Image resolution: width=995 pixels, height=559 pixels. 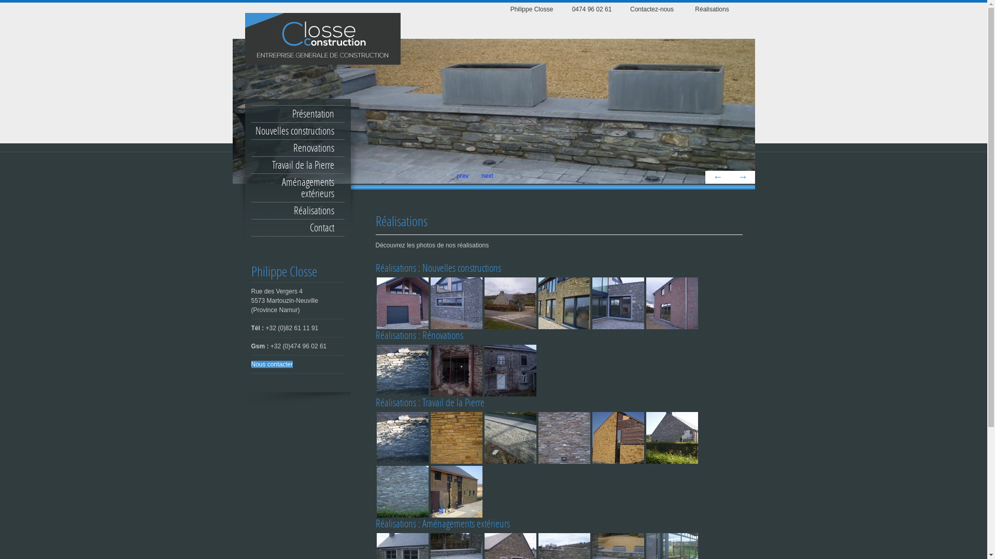 I want to click on 'OLYMPUS DIGITAL CAMERA         ', so click(x=509, y=437).